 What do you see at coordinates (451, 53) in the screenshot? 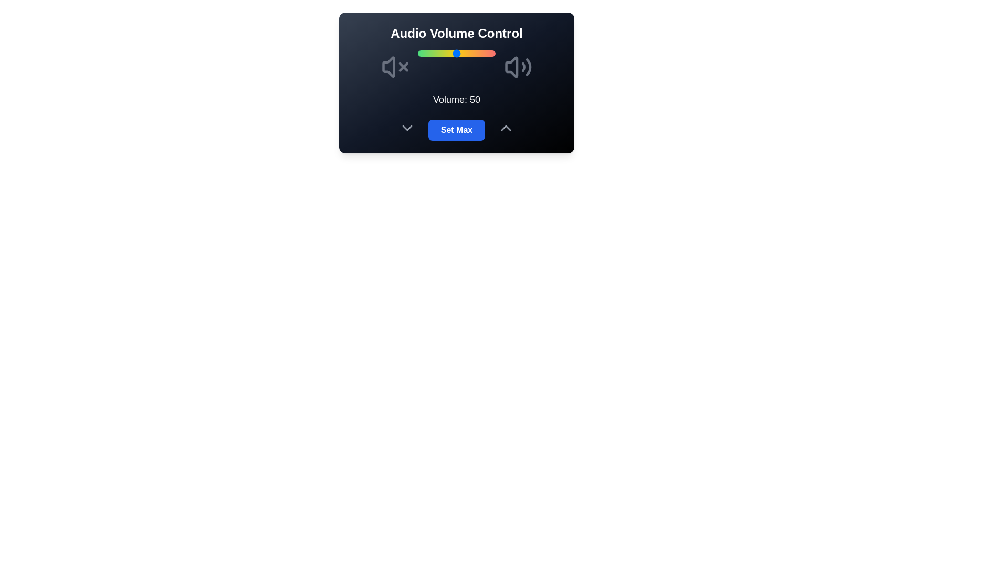
I see `the volume slider to 43 percent` at bounding box center [451, 53].